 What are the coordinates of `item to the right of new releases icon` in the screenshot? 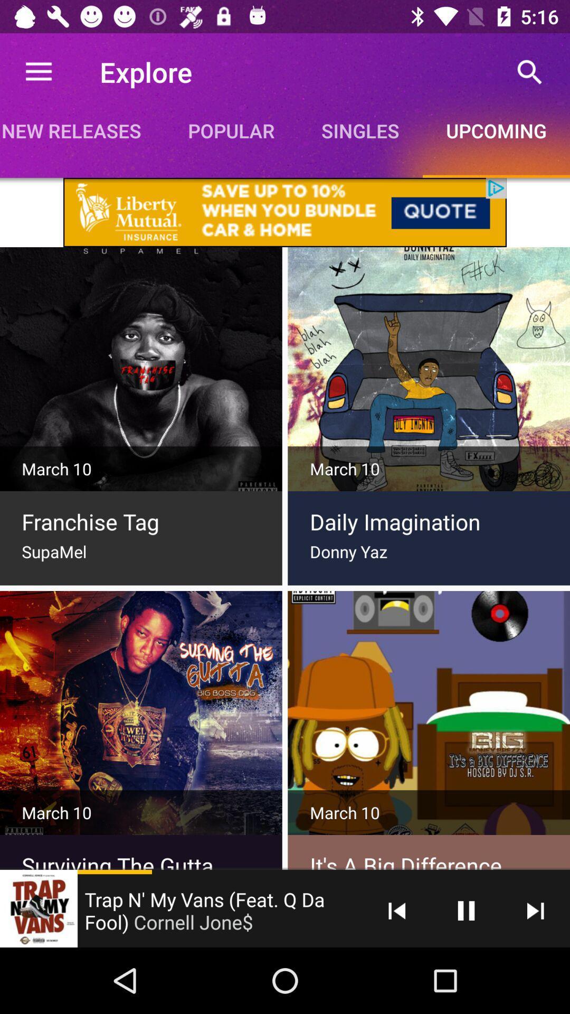 It's located at (231, 130).